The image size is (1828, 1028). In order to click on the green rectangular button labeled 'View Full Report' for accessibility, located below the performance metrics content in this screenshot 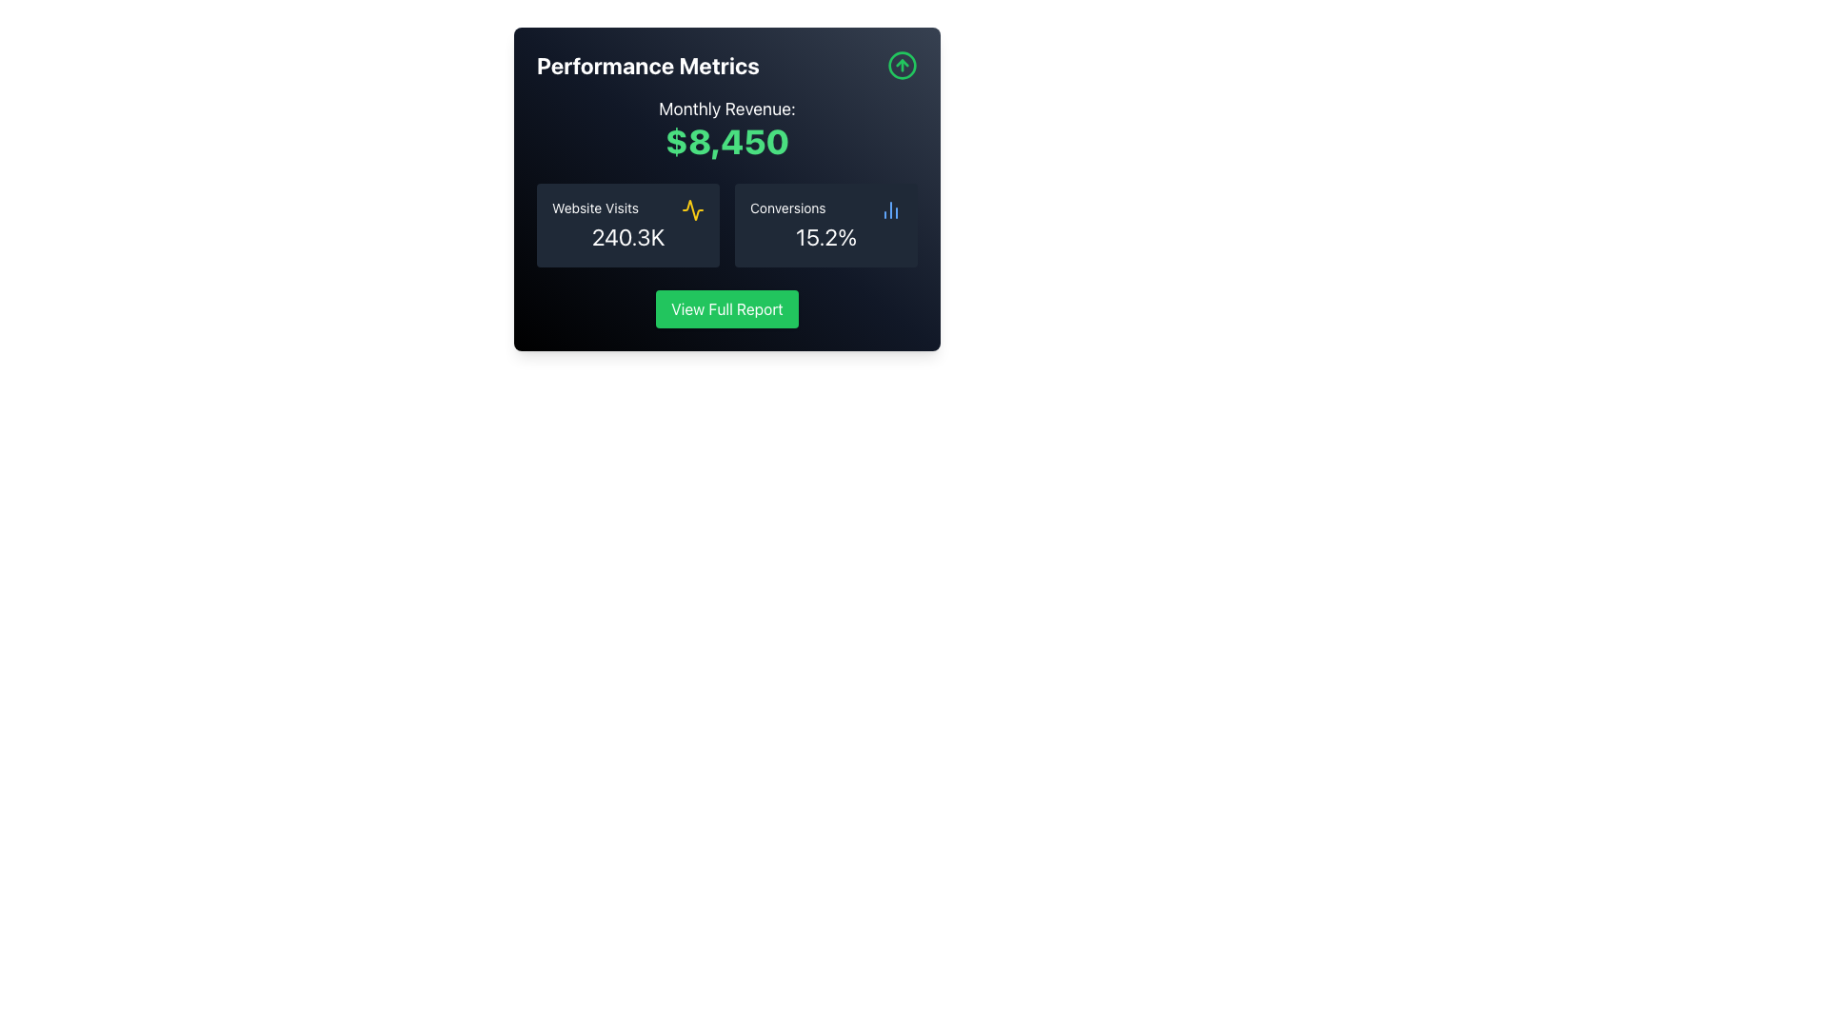, I will do `click(725, 307)`.